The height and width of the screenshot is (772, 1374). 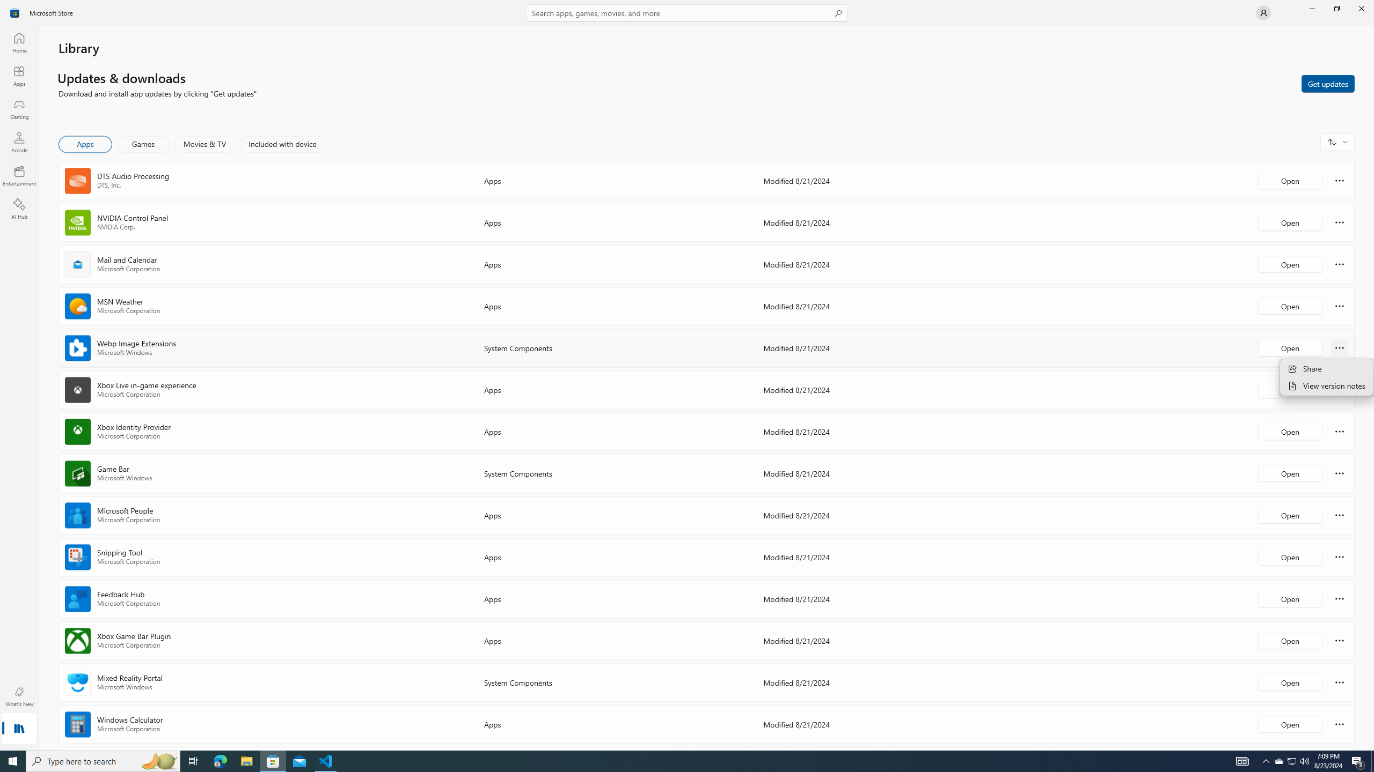 What do you see at coordinates (18, 208) in the screenshot?
I see `'AI Hub'` at bounding box center [18, 208].